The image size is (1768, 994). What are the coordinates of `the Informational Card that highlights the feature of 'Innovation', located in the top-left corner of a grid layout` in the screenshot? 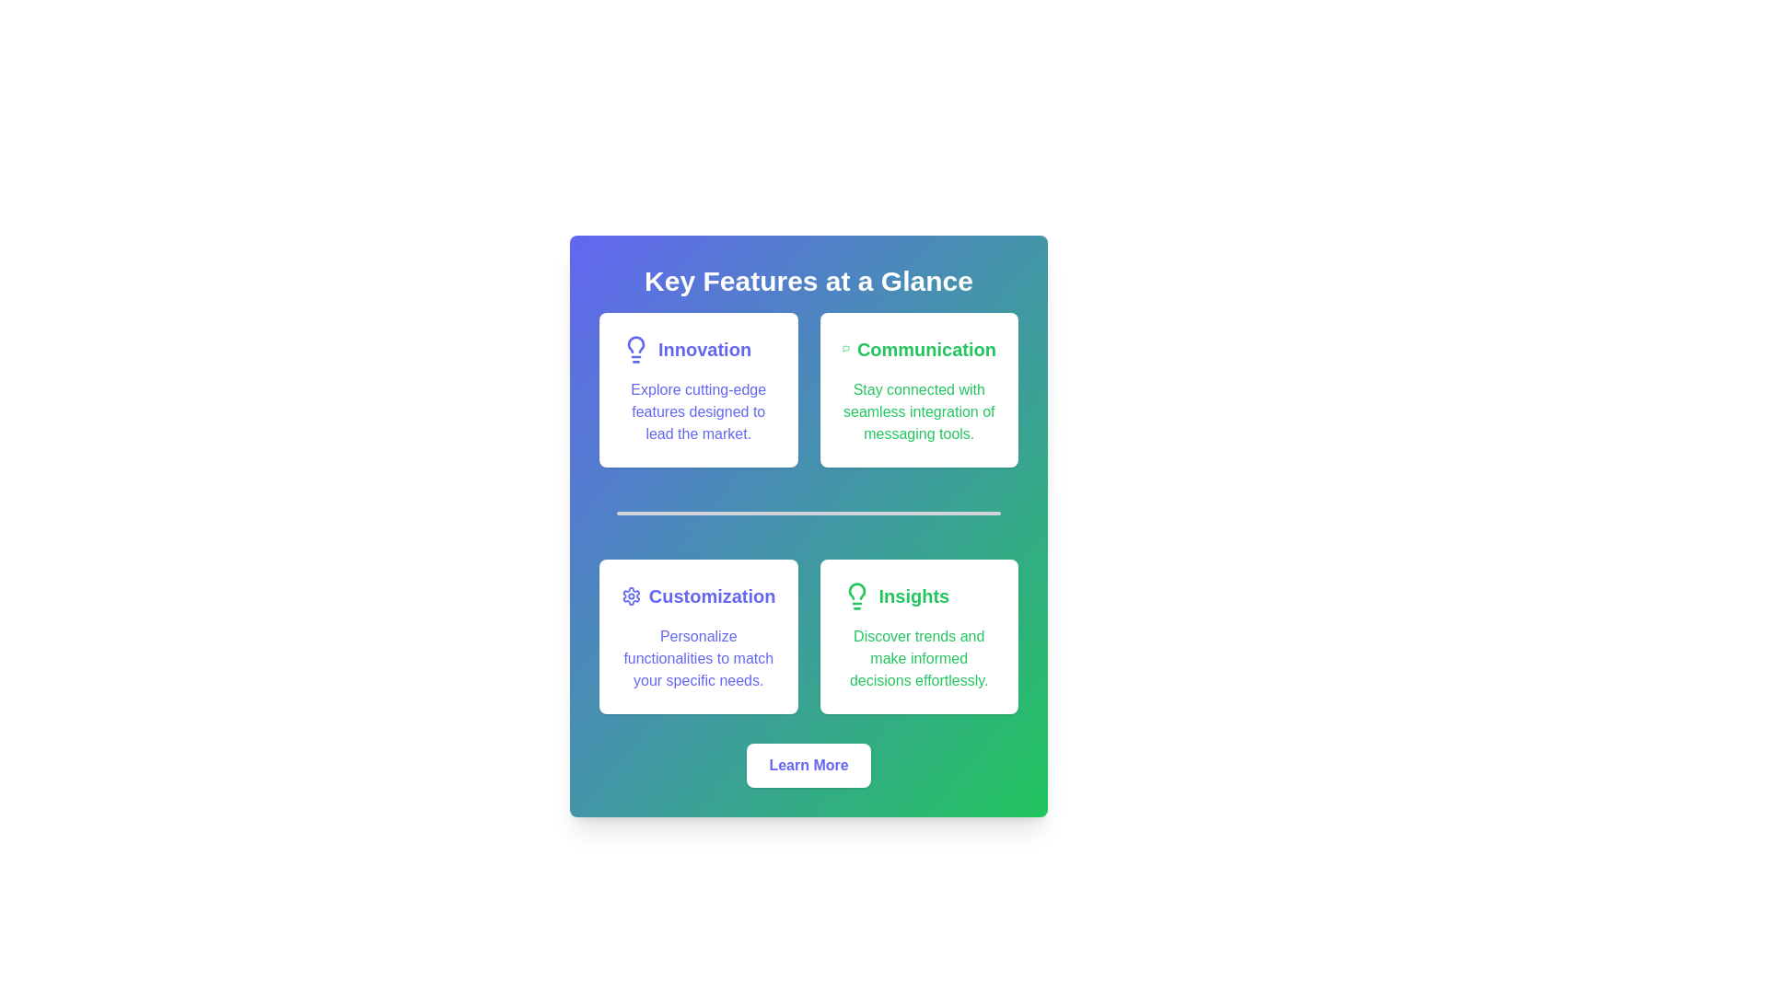 It's located at (697, 389).